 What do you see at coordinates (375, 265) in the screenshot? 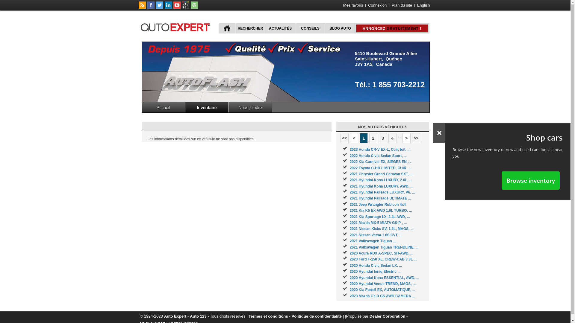
I see `'2020 Honda Civic Sedan LX, ...'` at bounding box center [375, 265].